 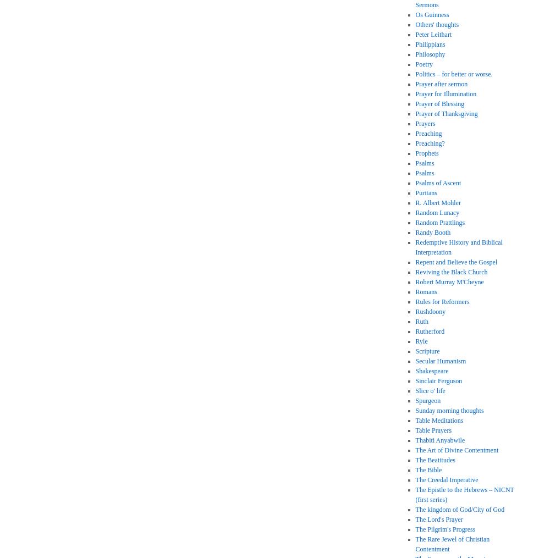 I want to click on 'Redemptive History and Biblical Interpretation', so click(x=458, y=246).